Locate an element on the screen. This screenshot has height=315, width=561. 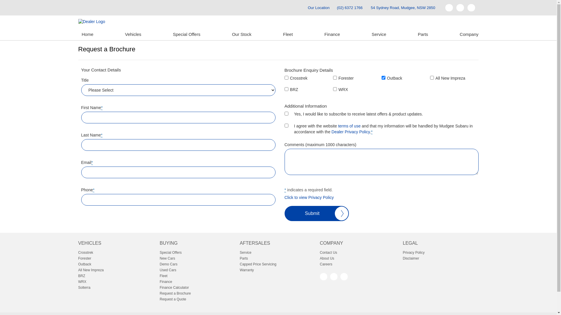
'Our Location' is located at coordinates (302, 8).